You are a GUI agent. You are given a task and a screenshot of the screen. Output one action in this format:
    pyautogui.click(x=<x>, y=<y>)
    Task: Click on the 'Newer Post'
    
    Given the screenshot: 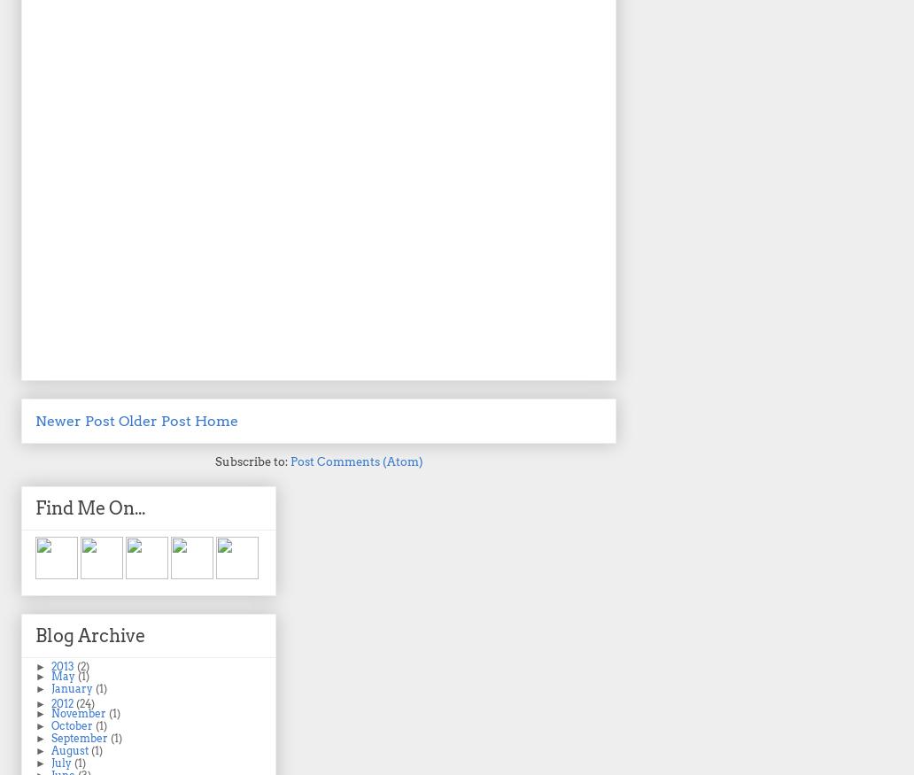 What is the action you would take?
    pyautogui.click(x=75, y=421)
    